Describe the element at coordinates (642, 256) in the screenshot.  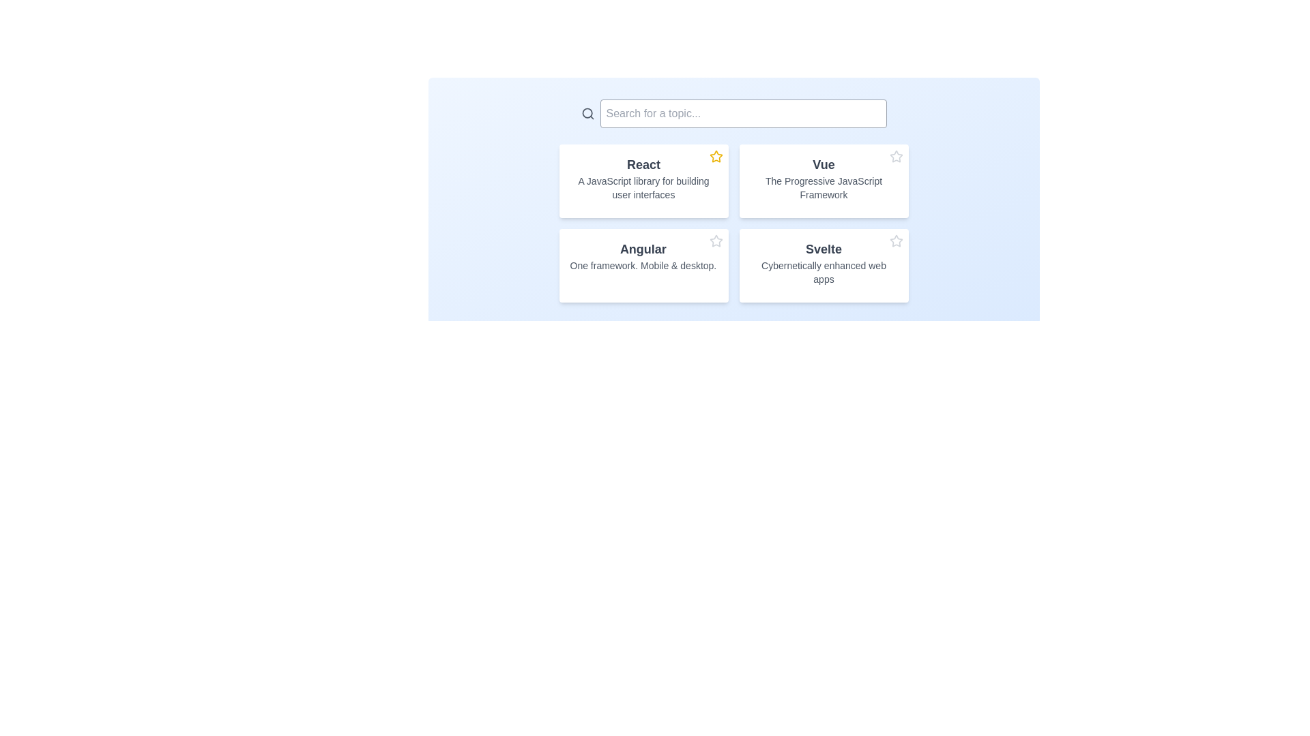
I see `the text display element that shows the name 'Angular' in the second card of four cards below the search bar` at that location.